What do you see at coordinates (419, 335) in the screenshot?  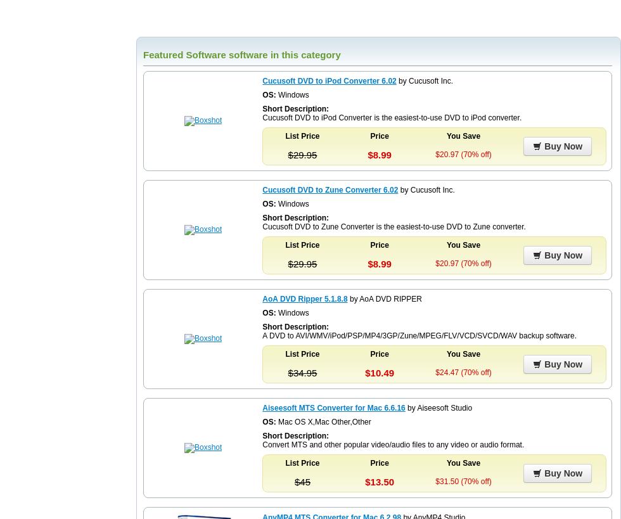 I see `'A DVD to AVI/WMV/iPod/PSP/MP4/3GP/Zune/MPEG/FLV/VCD/SVCD/WAV backup software.'` at bounding box center [419, 335].